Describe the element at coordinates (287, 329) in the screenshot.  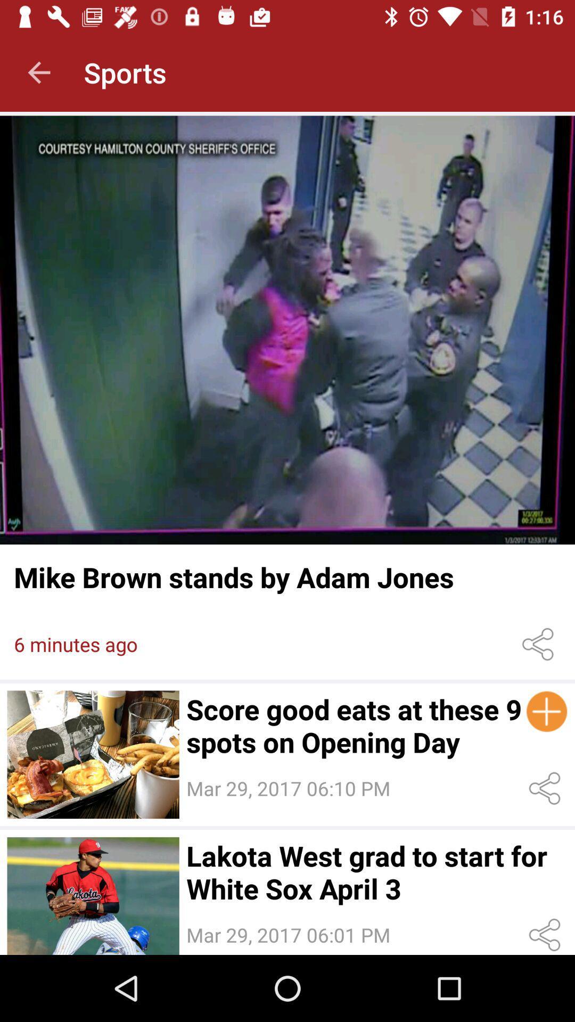
I see `open article` at that location.